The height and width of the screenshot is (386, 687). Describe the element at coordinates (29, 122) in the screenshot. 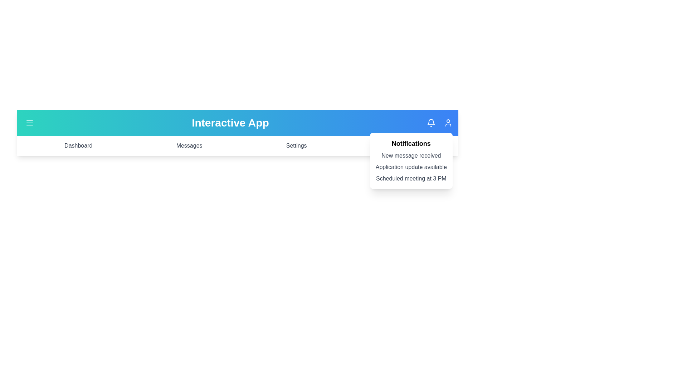

I see `the menu icon to toggle the menu visibility` at that location.